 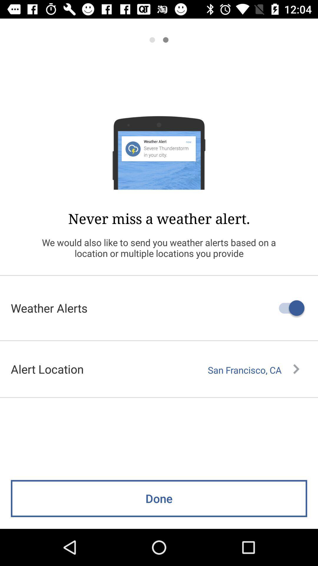 I want to click on the done icon, so click(x=159, y=498).